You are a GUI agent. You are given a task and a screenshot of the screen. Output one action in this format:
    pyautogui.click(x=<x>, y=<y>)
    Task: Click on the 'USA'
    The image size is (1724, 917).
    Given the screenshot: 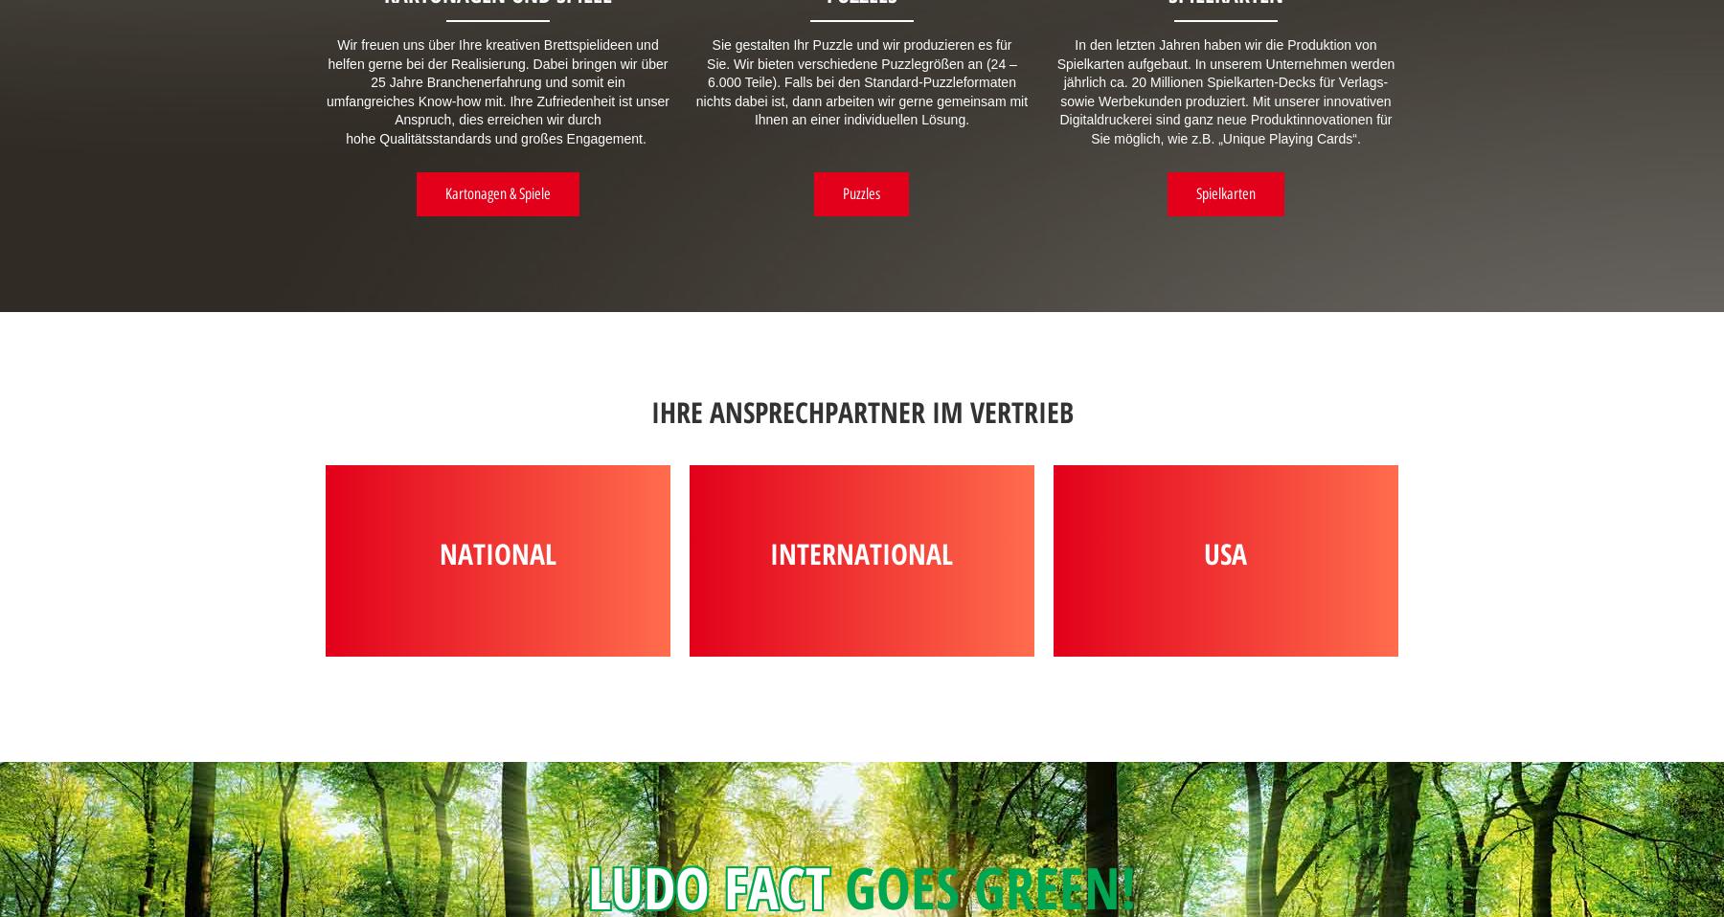 What is the action you would take?
    pyautogui.click(x=1225, y=552)
    